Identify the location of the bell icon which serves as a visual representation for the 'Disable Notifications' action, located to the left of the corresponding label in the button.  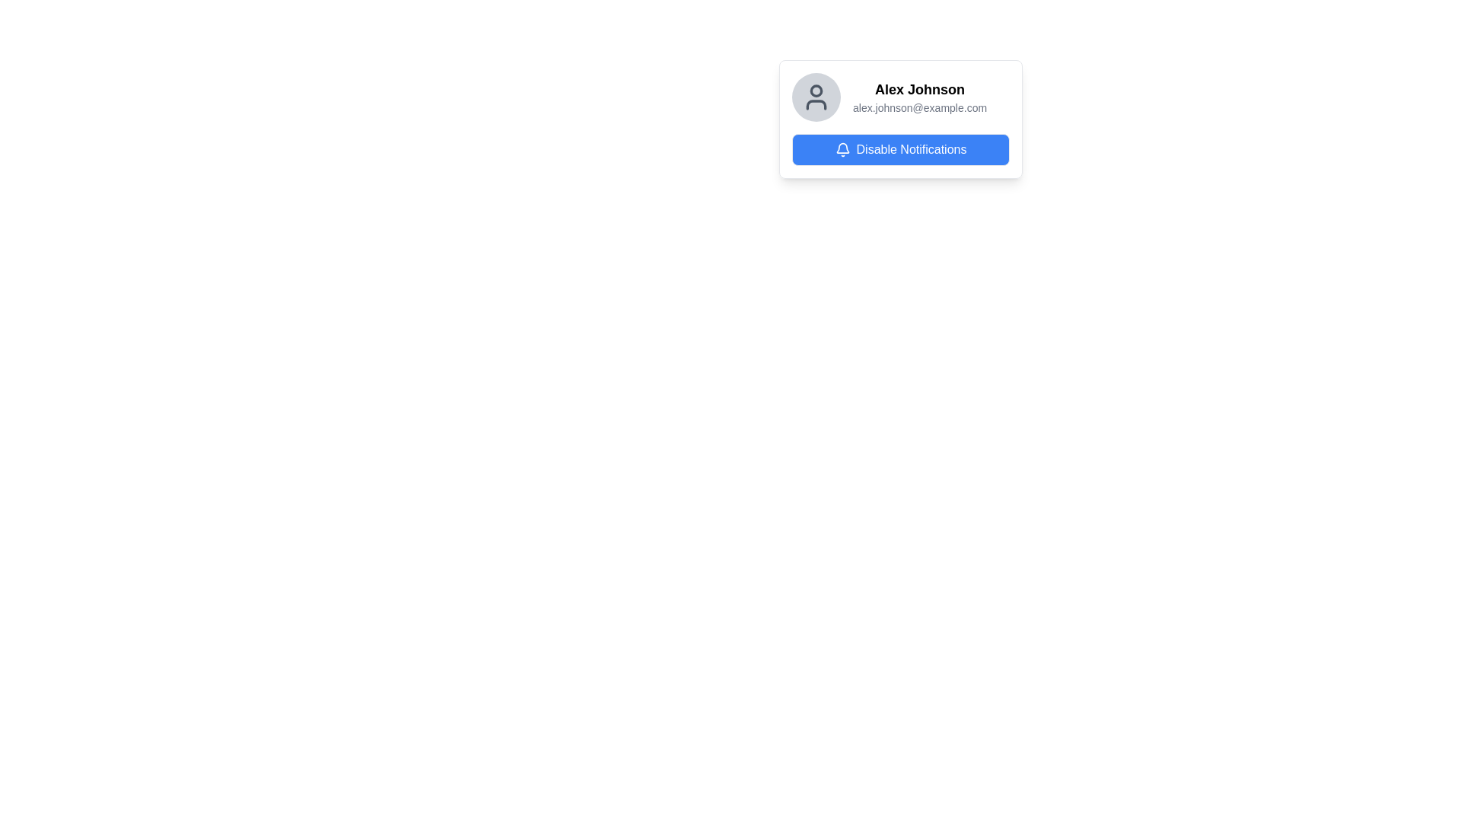
(842, 149).